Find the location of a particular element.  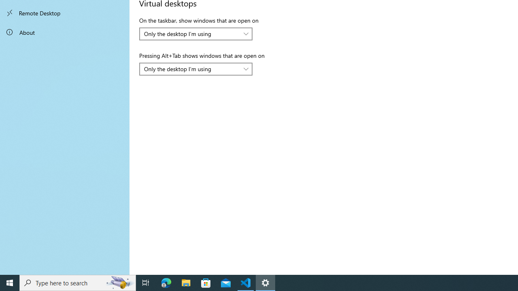

'Search highlights icon opens search home window' is located at coordinates (119, 282).